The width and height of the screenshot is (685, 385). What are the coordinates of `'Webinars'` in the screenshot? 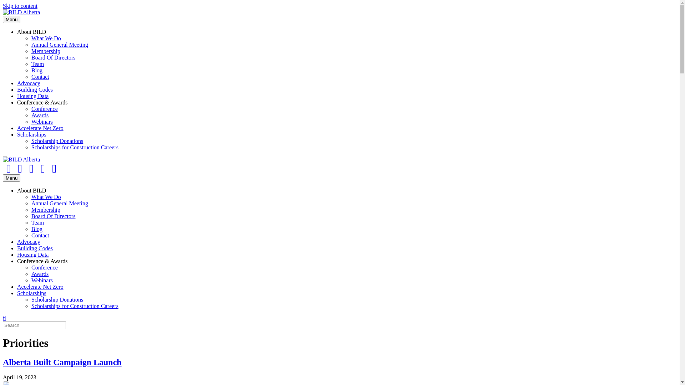 It's located at (42, 121).